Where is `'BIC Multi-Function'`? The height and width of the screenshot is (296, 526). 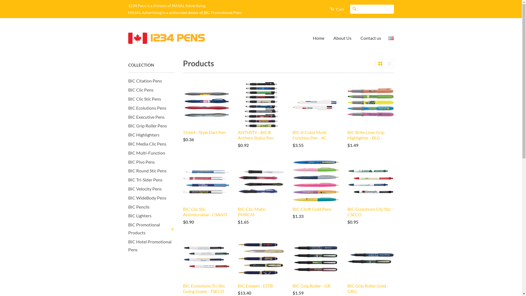 'BIC Multi-Function' is located at coordinates (128, 153).